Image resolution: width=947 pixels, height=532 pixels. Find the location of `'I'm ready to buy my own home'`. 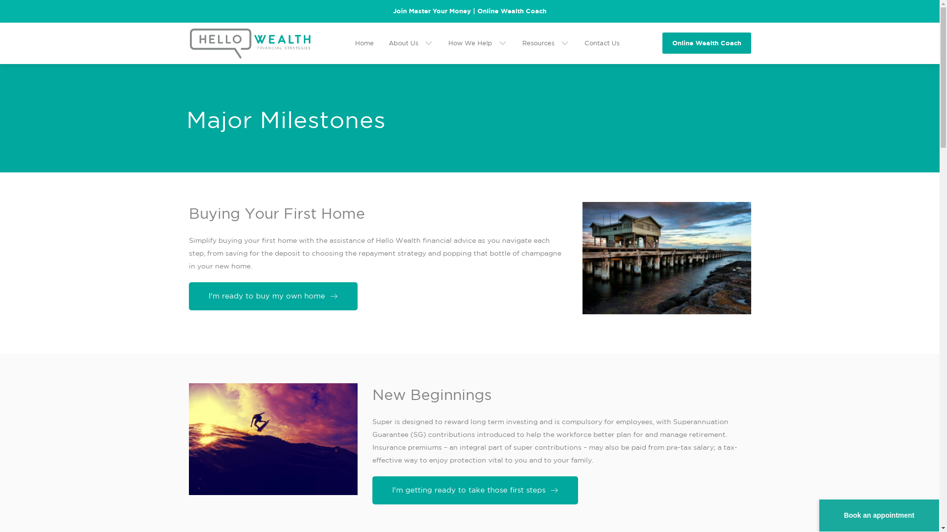

'I'm ready to buy my own home' is located at coordinates (272, 296).